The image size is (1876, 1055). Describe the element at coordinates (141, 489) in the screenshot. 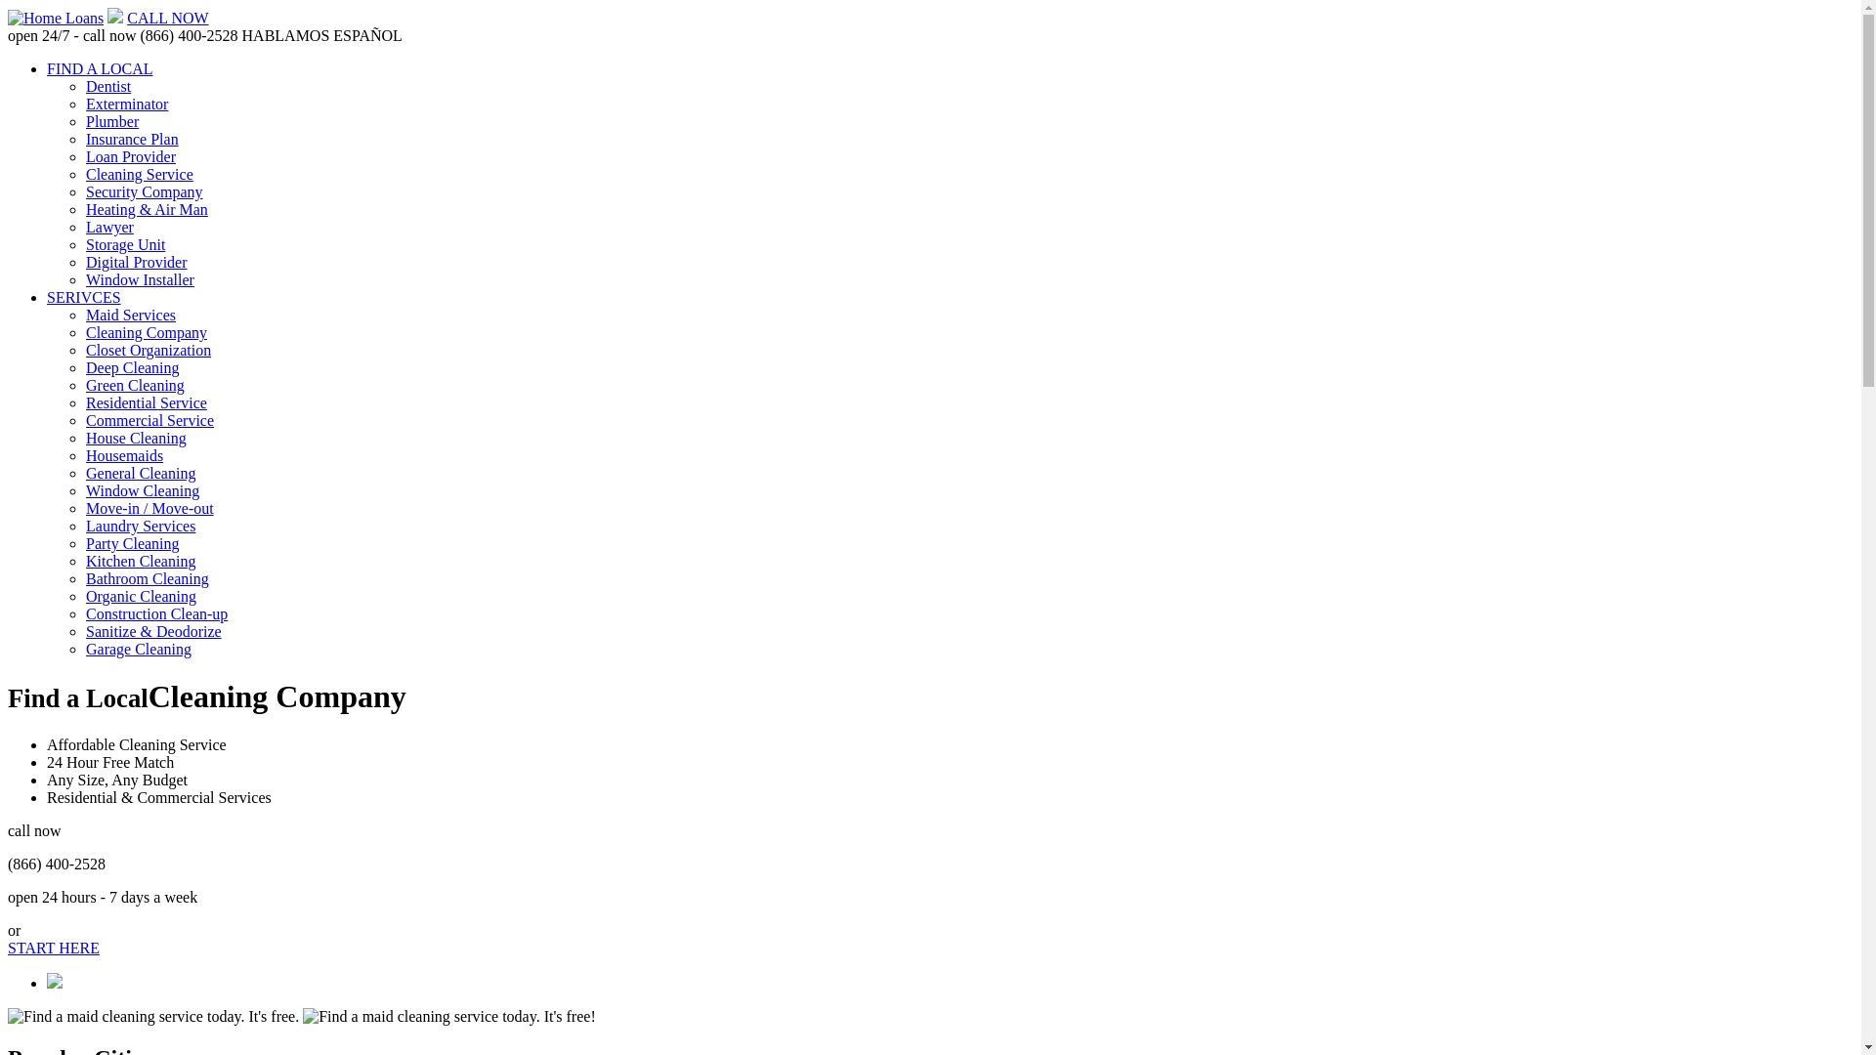

I see `'Window Cleaning'` at that location.